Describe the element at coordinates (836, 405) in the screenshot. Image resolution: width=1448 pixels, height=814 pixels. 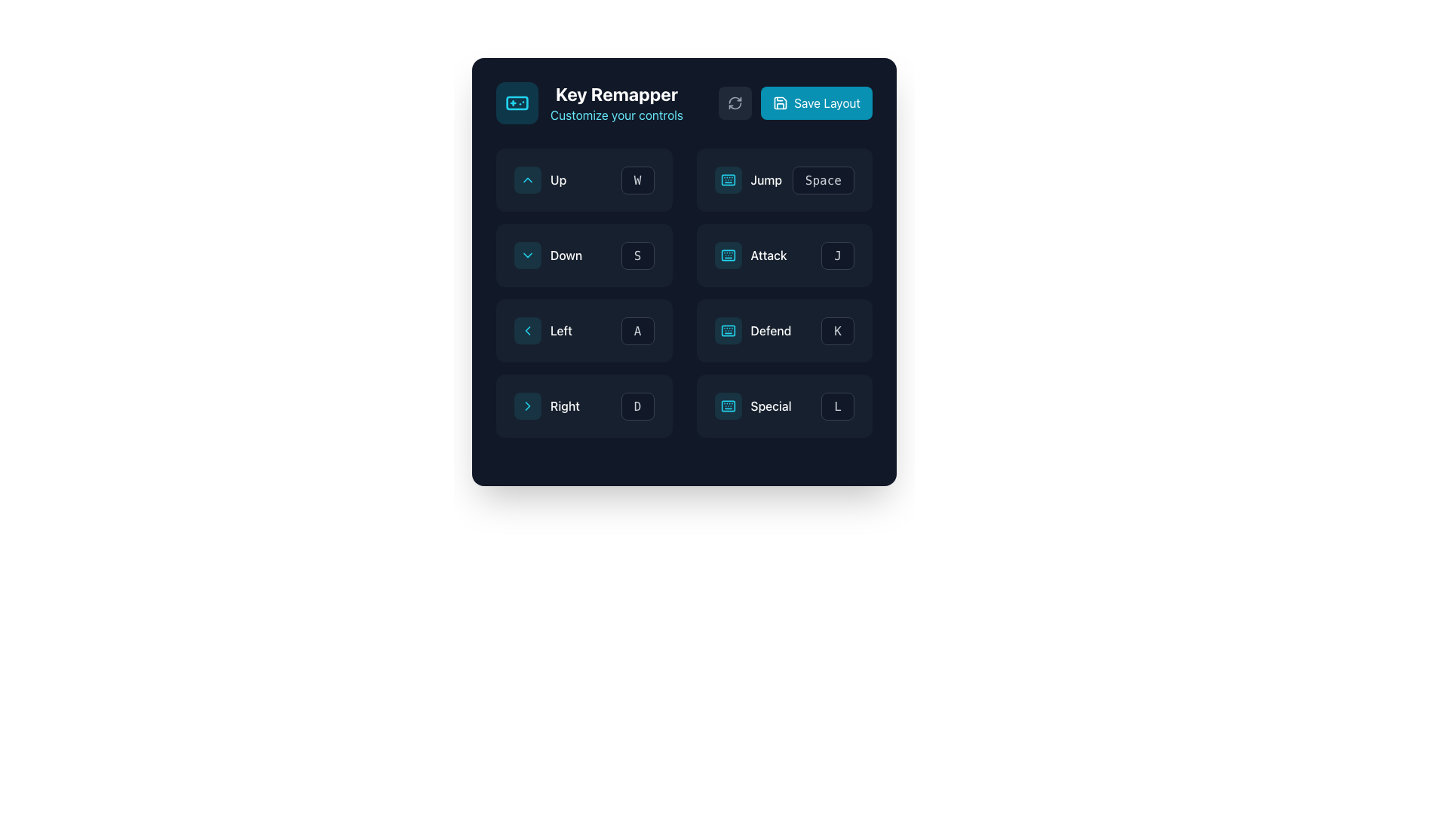
I see `the button labeled 'L'` at that location.